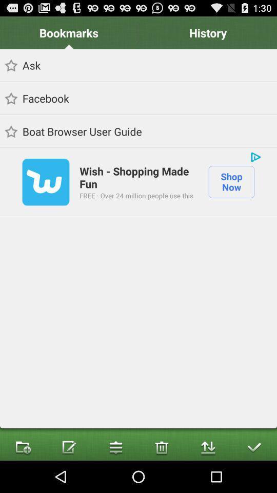  What do you see at coordinates (138, 177) in the screenshot?
I see `wish shopping made icon` at bounding box center [138, 177].